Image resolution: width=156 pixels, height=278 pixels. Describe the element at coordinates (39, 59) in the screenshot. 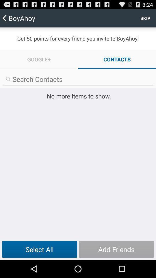

I see `the icon next to contacts` at that location.